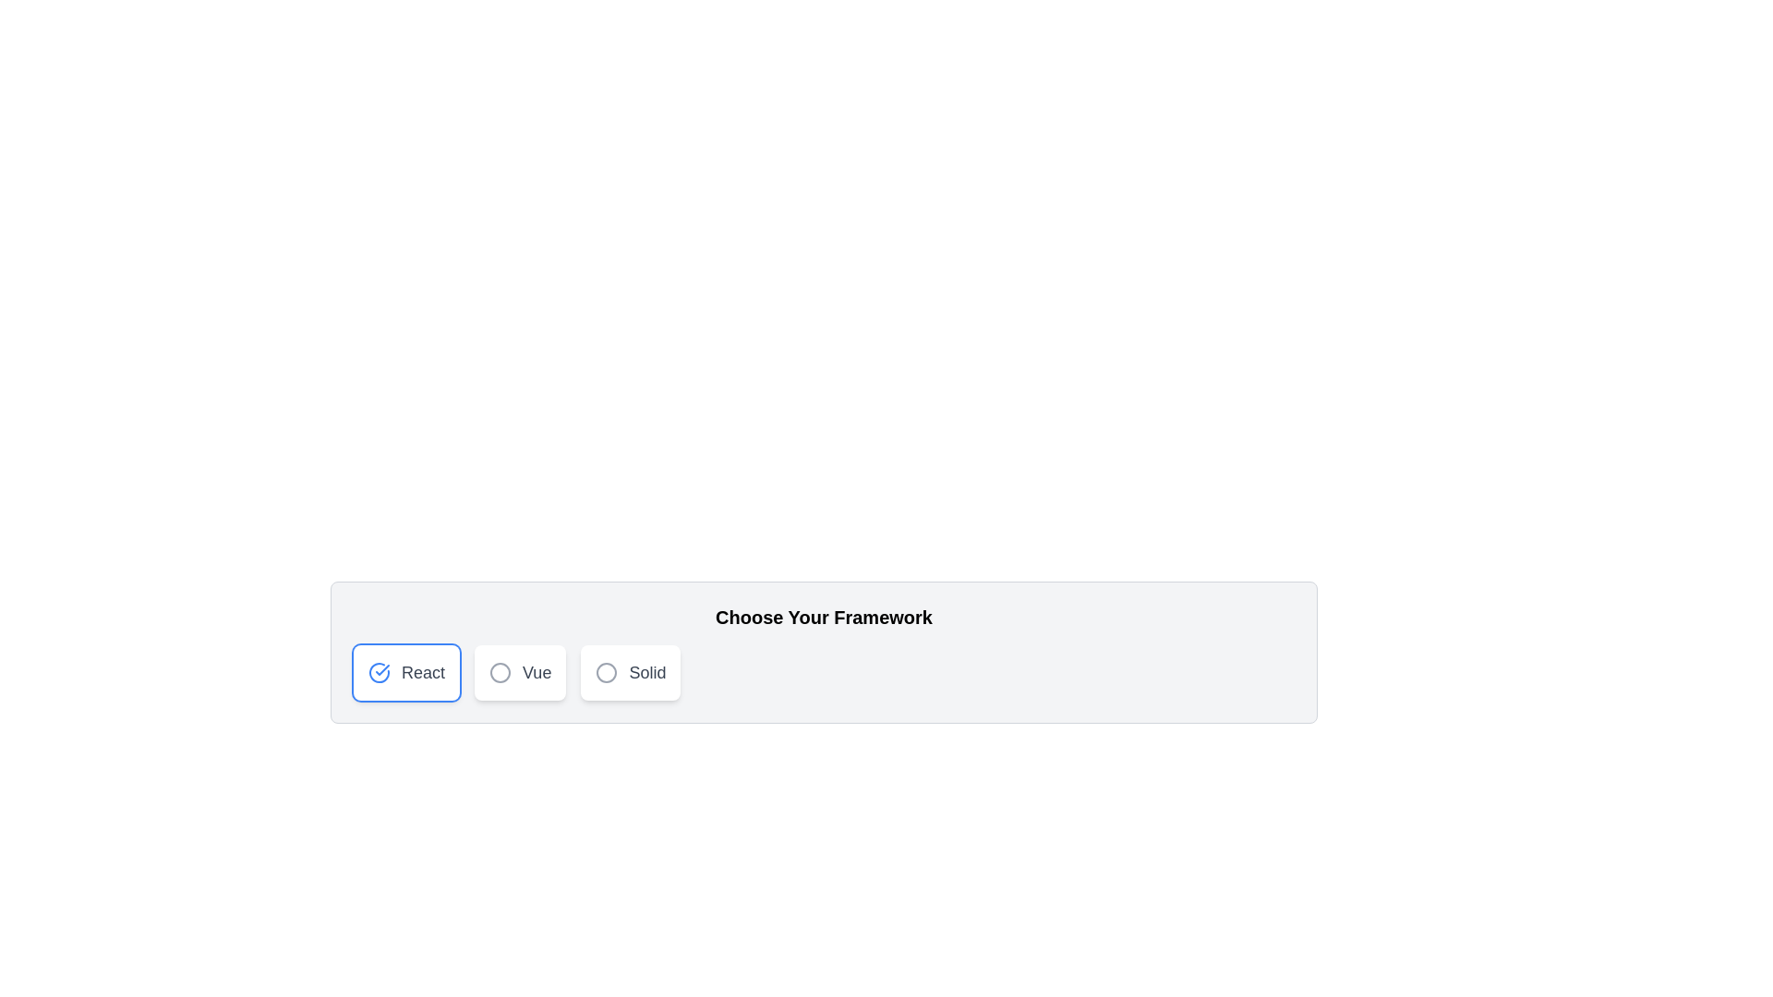 This screenshot has height=997, width=1773. What do you see at coordinates (422, 673) in the screenshot?
I see `text label representing the 'React' option, located to the right of a blue circular icon within the first white card of the selection interface` at bounding box center [422, 673].